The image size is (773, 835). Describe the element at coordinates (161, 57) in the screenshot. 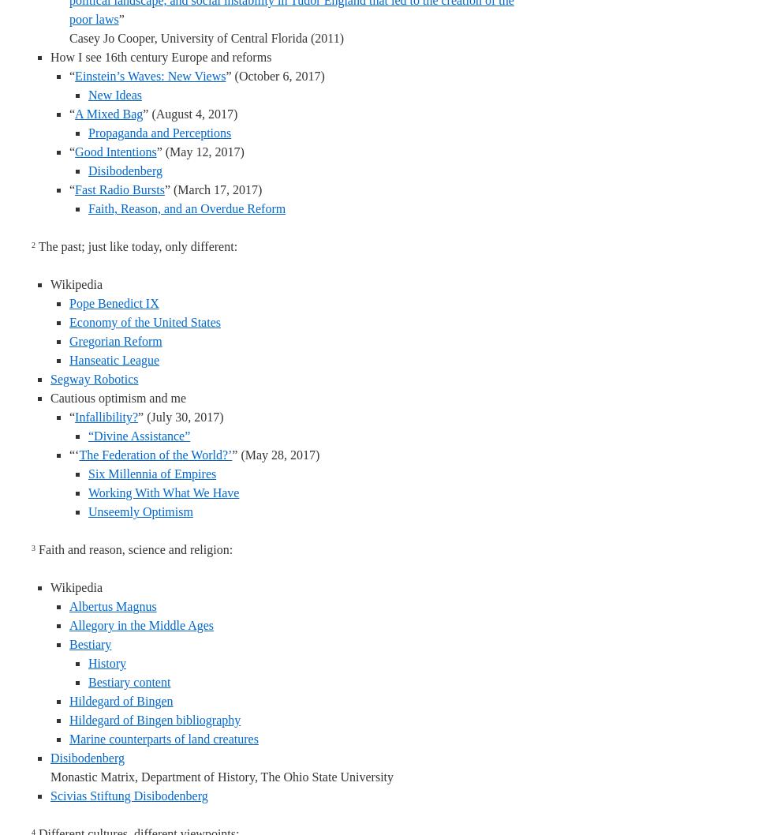

I see `'How I see 16th century Europe and reforms'` at that location.